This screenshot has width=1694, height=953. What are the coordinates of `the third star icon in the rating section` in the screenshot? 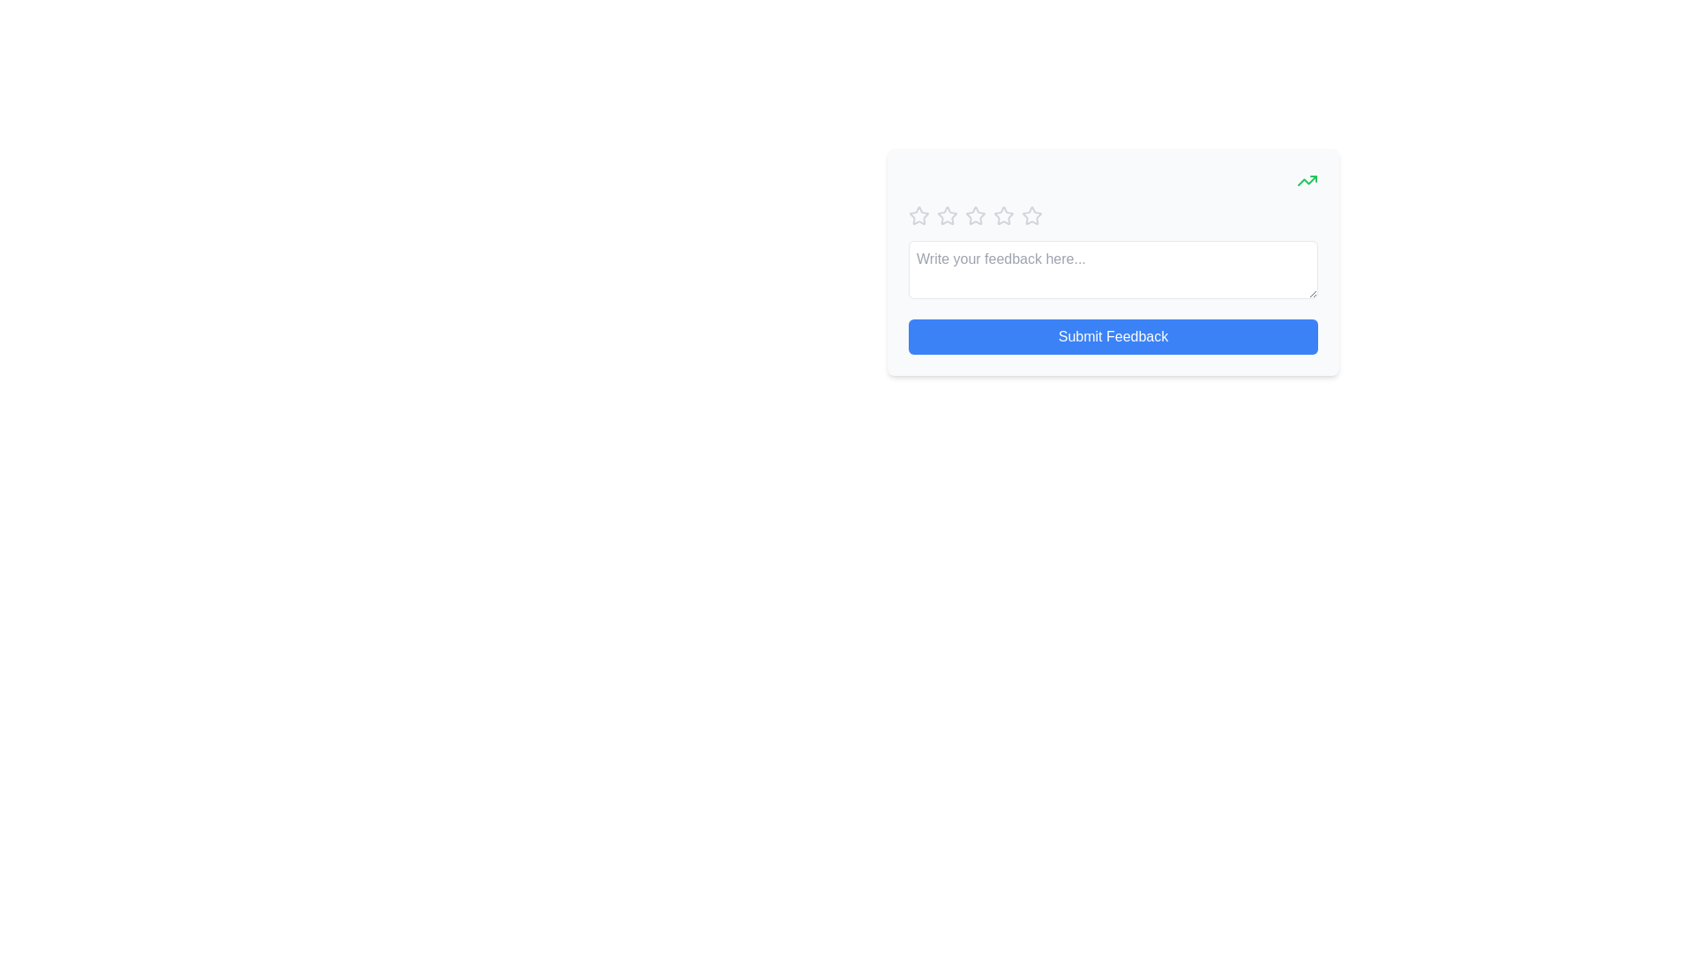 It's located at (974, 215).